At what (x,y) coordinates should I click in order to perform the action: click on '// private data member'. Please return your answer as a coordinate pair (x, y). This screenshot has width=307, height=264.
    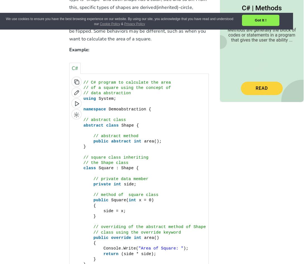
    Looking at the image, I should click on (120, 179).